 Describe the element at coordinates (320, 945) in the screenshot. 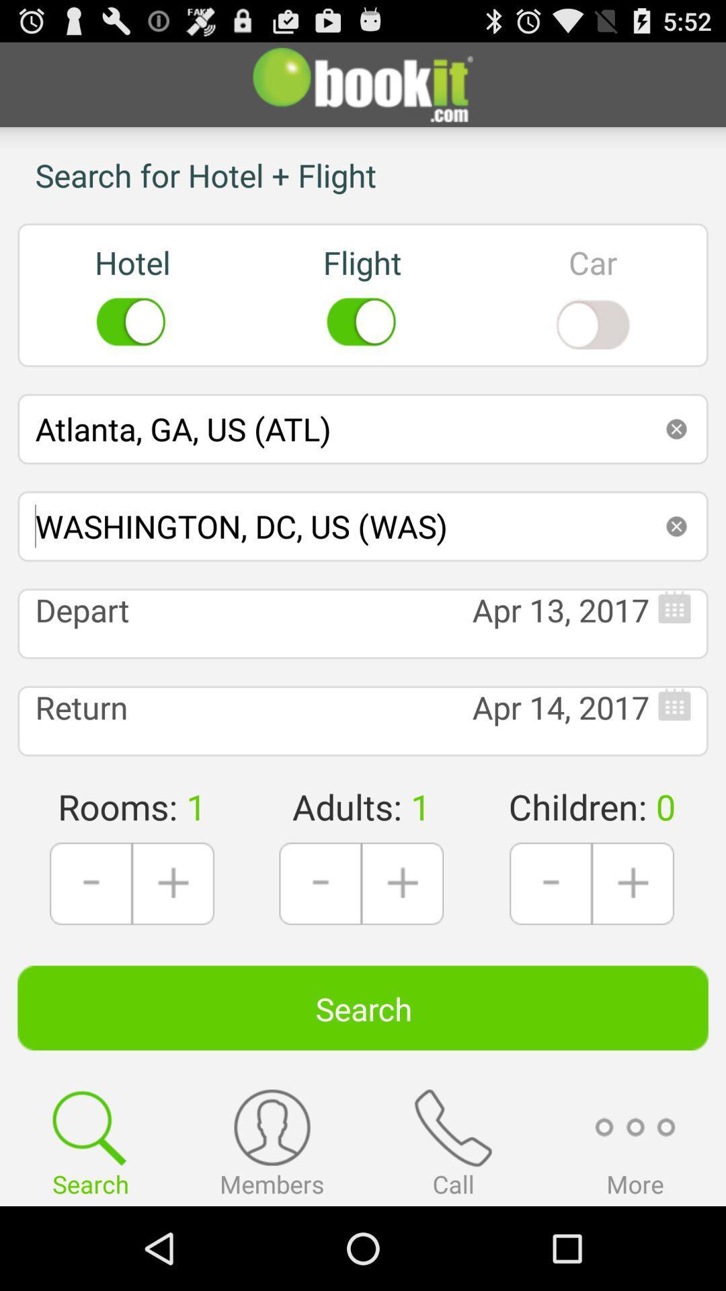

I see `the minus icon` at that location.